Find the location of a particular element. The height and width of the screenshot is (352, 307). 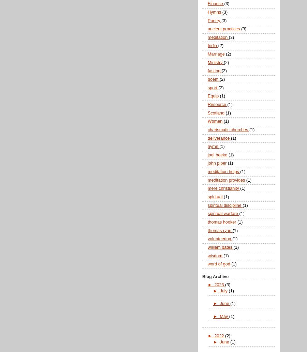

'2023' is located at coordinates (220, 285).